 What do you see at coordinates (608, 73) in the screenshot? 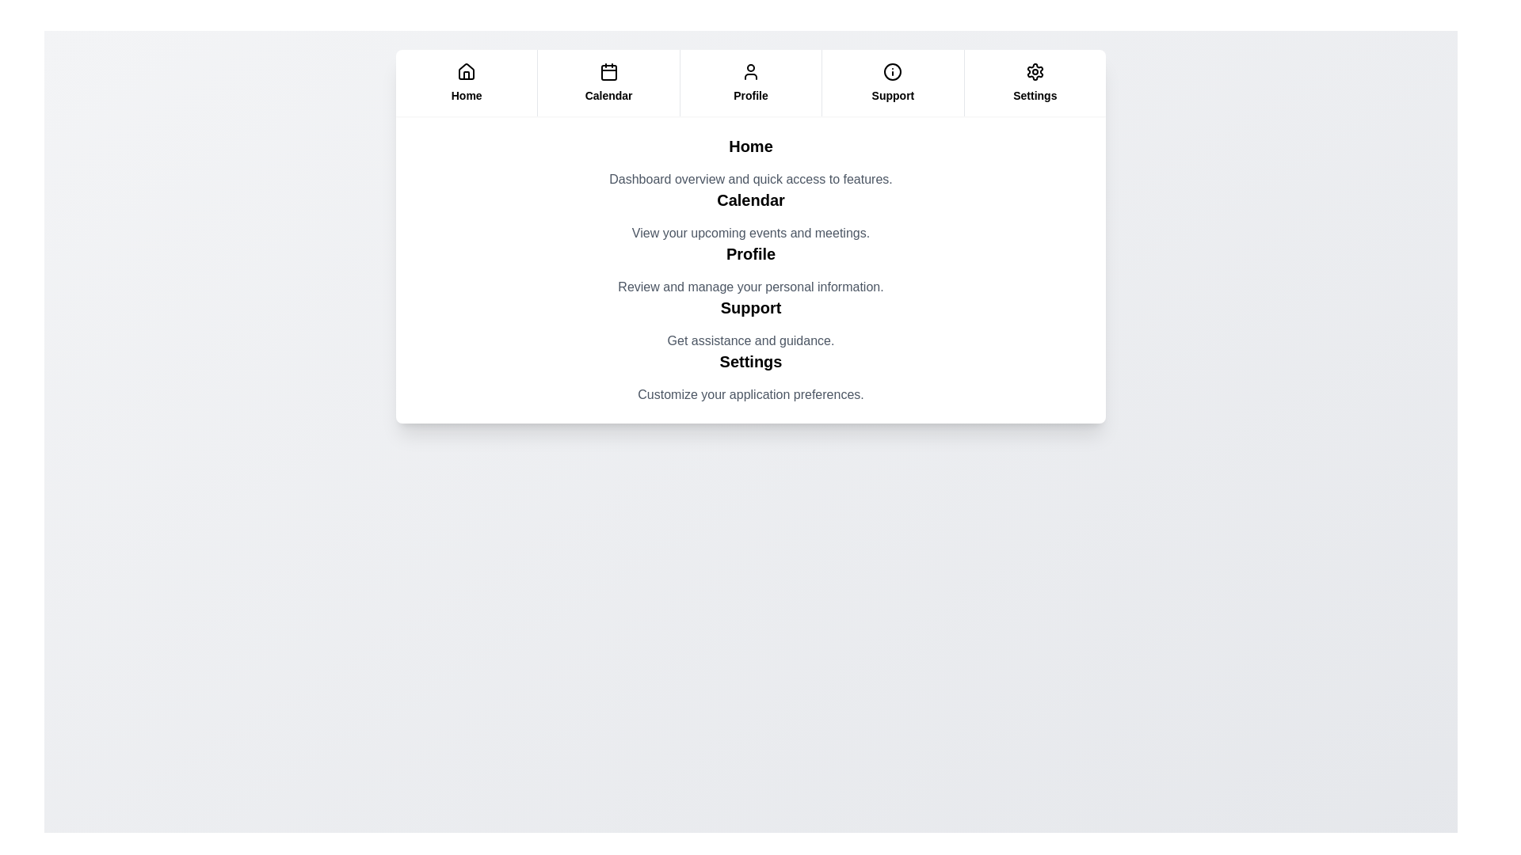
I see `SVG Rectangle element that serves as a decorative part of the calendar icon located in the navigation bar, which is the second item labeled 'Calendar'` at bounding box center [608, 73].